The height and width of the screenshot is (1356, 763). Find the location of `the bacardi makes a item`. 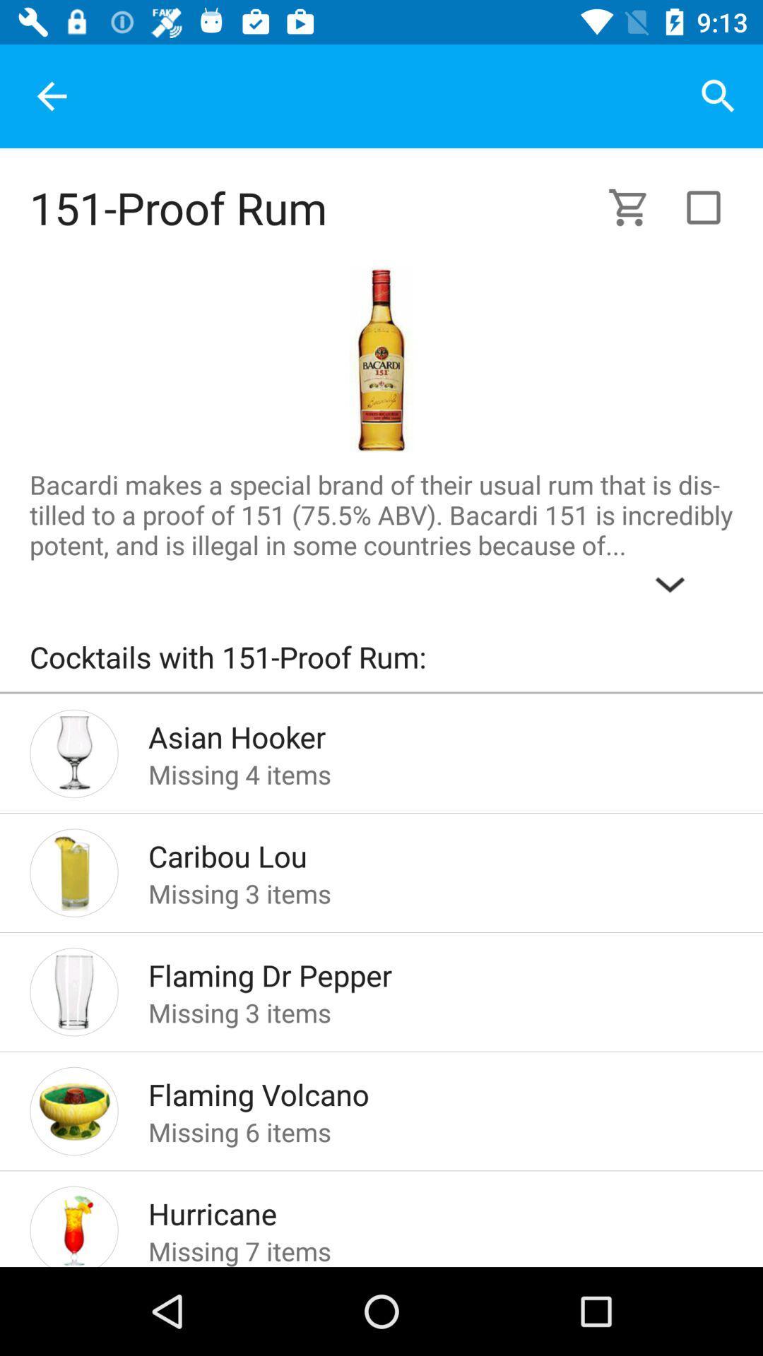

the bacardi makes a item is located at coordinates (381, 536).